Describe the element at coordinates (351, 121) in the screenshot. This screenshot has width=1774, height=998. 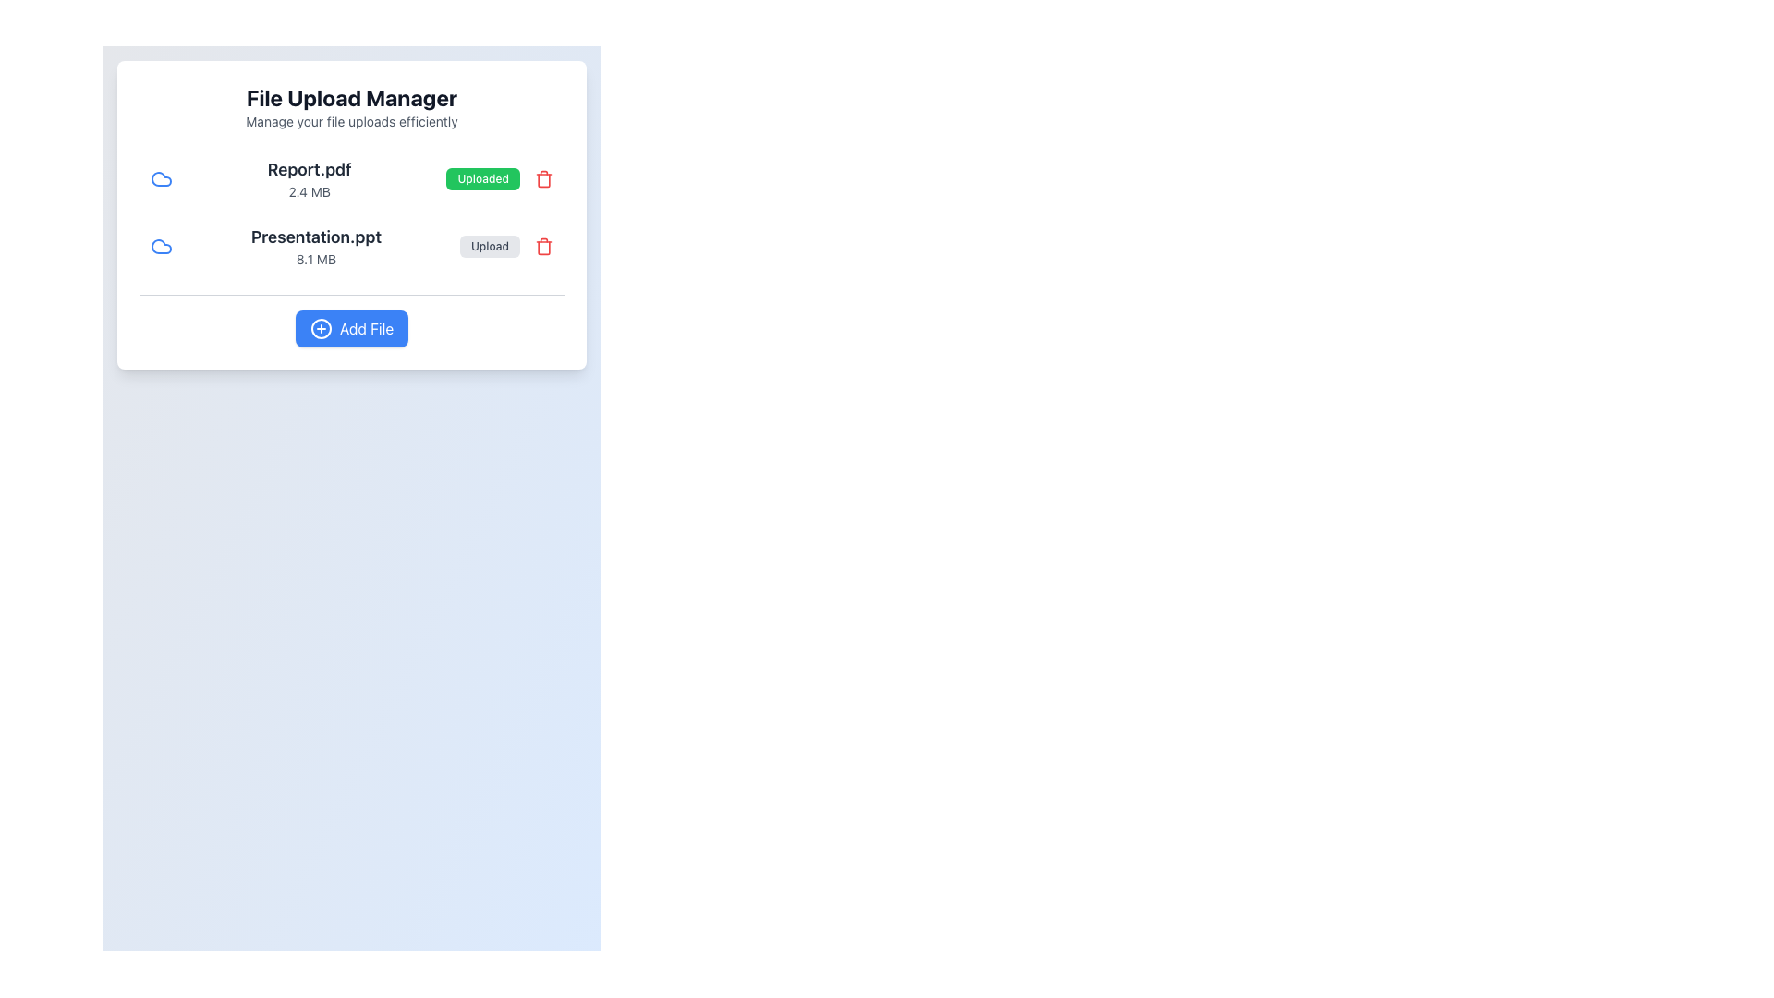
I see `the static text element that reads 'Manage your file uploads efficiently', located below the title 'File Upload Manager'` at that location.